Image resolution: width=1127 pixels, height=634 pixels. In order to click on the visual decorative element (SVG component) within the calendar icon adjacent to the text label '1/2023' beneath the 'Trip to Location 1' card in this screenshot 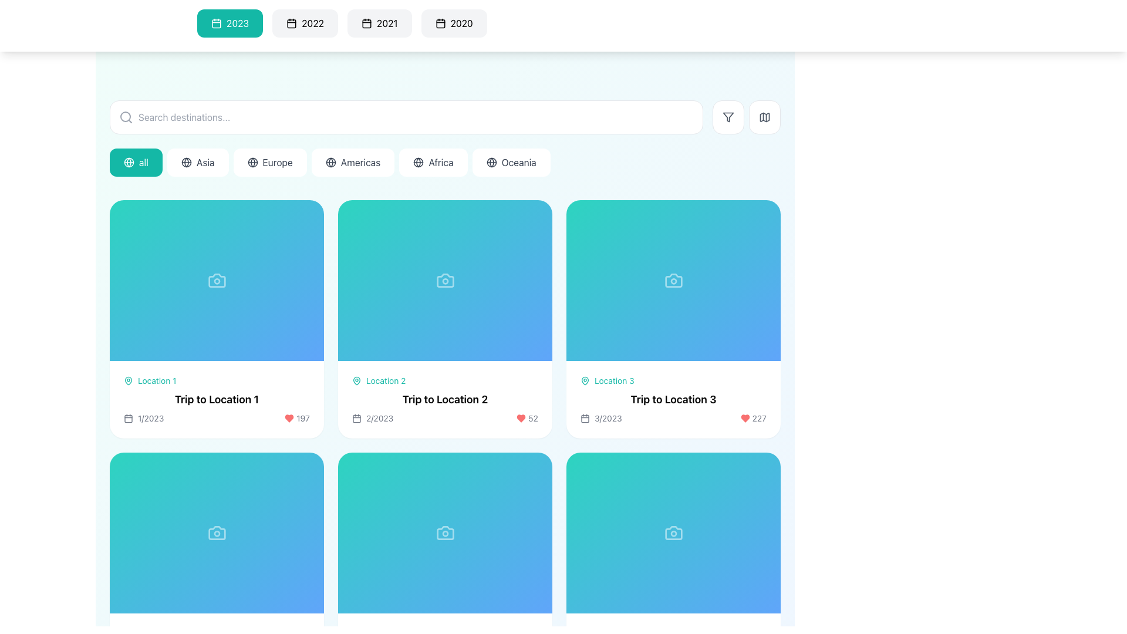, I will do `click(129, 418)`.